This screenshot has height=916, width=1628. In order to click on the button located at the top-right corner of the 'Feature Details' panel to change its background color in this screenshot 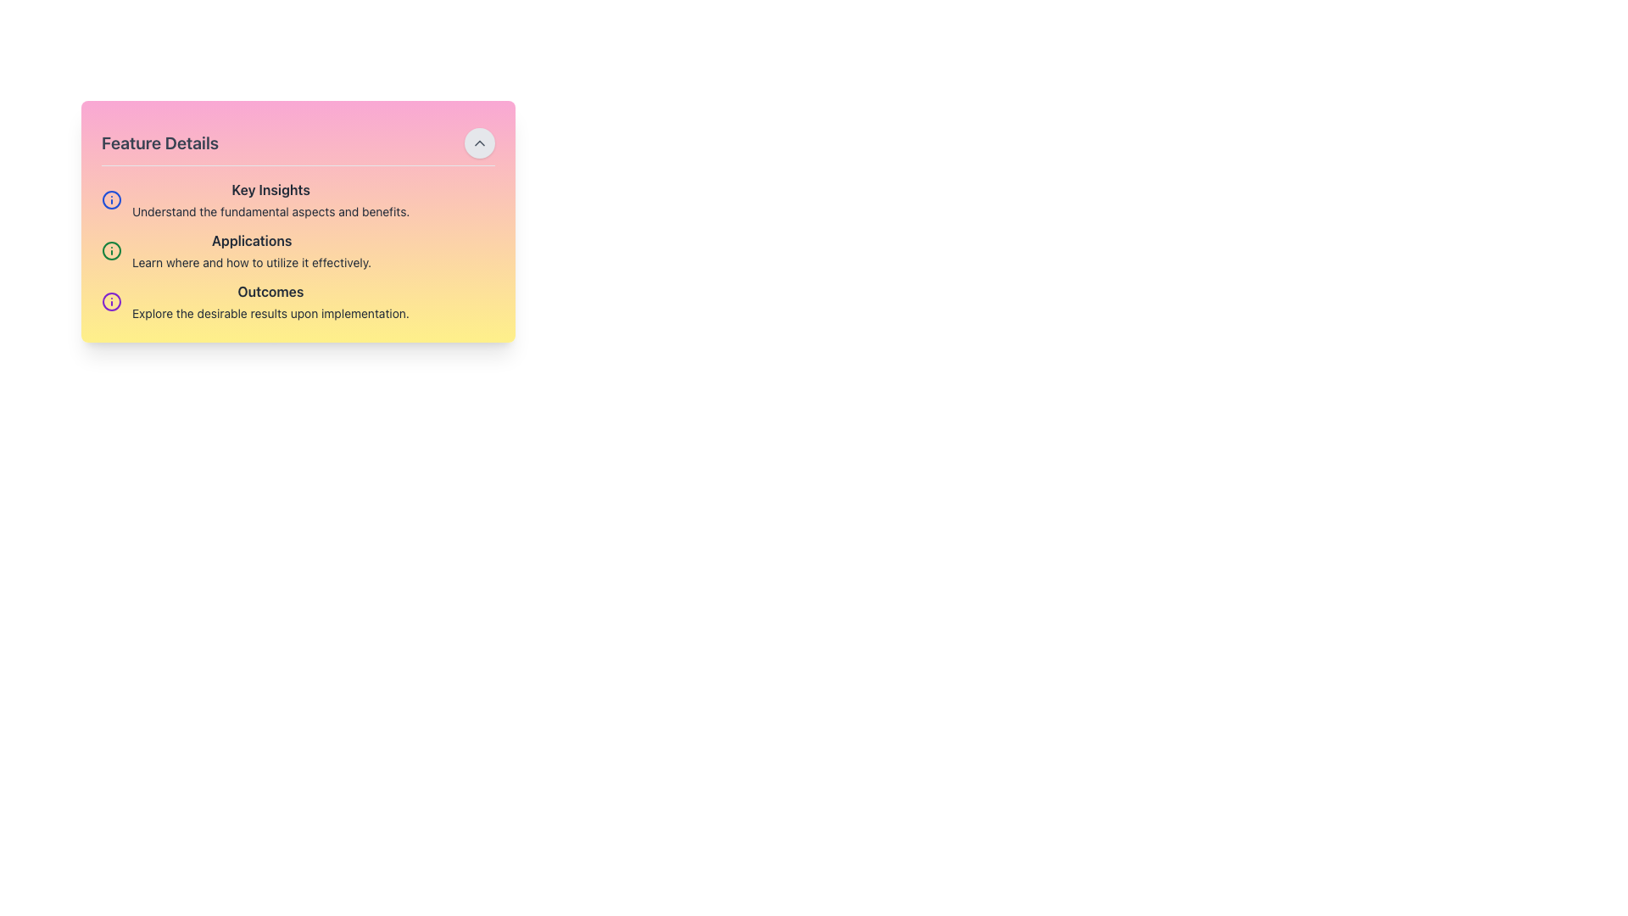, I will do `click(479, 142)`.